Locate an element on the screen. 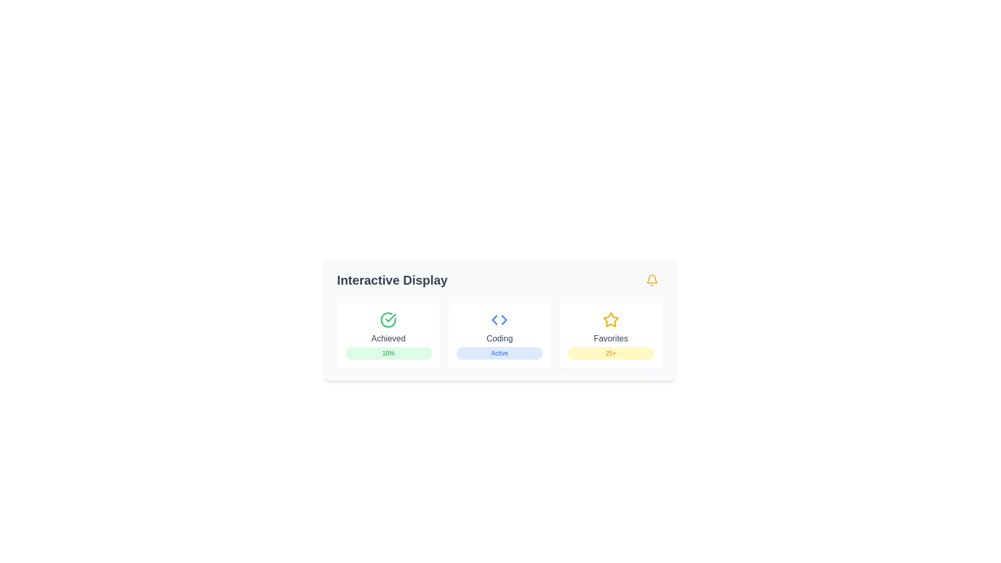  the 'Active' coding status card is located at coordinates (499, 336).